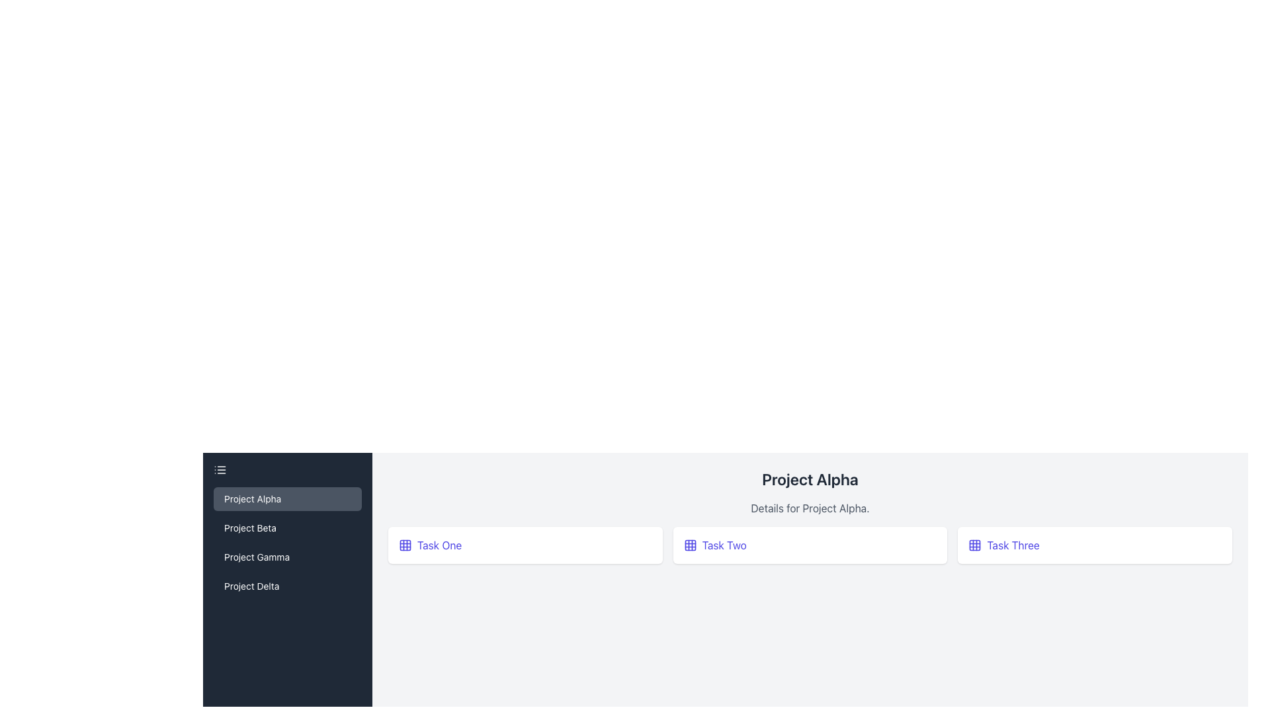 The image size is (1270, 714). I want to click on the blue square-shaped icon with a grid-like pattern located at the center of the 'Task Two' card, so click(689, 545).